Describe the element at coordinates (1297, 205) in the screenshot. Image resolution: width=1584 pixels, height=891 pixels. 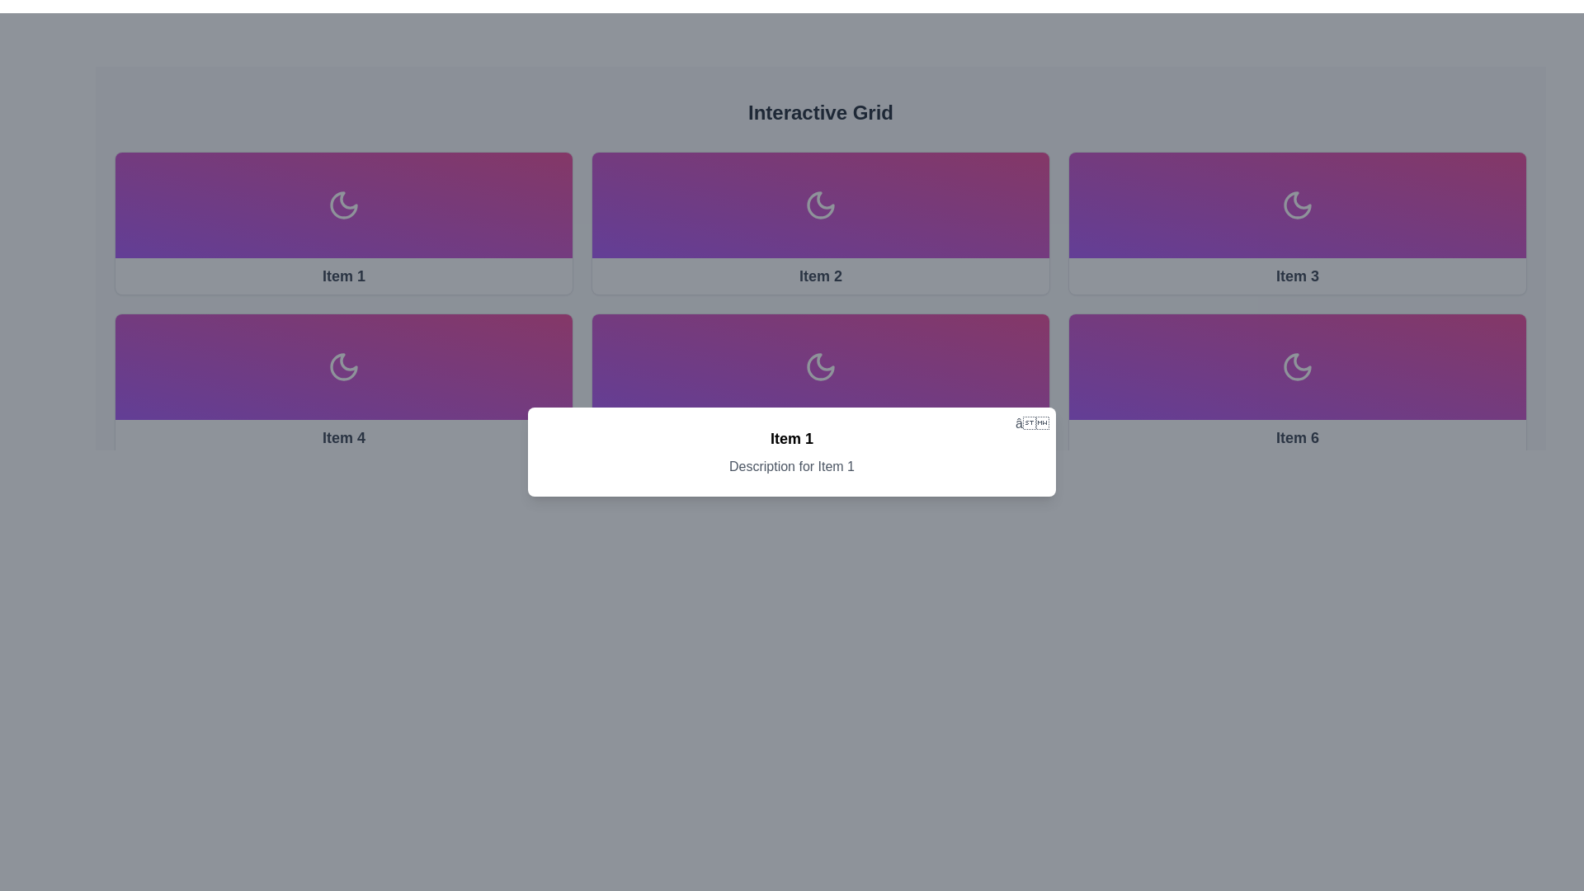
I see `the crescent moon icon, which is centered within the third card labeled 'Item 3' in a horizontal grid of six cards, featuring a purple-to-pink gradient background` at that location.